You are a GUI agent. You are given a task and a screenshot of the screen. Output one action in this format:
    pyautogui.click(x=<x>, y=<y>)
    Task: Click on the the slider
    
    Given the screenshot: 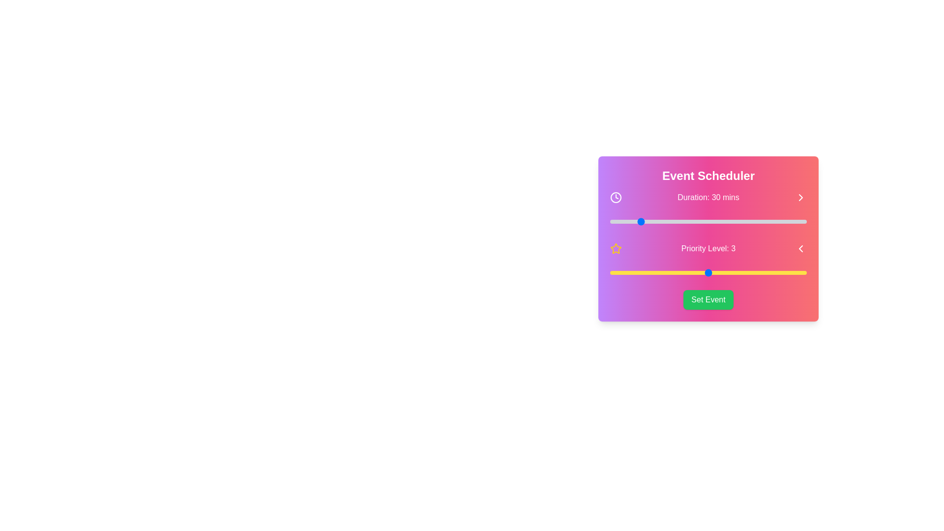 What is the action you would take?
    pyautogui.click(x=668, y=222)
    